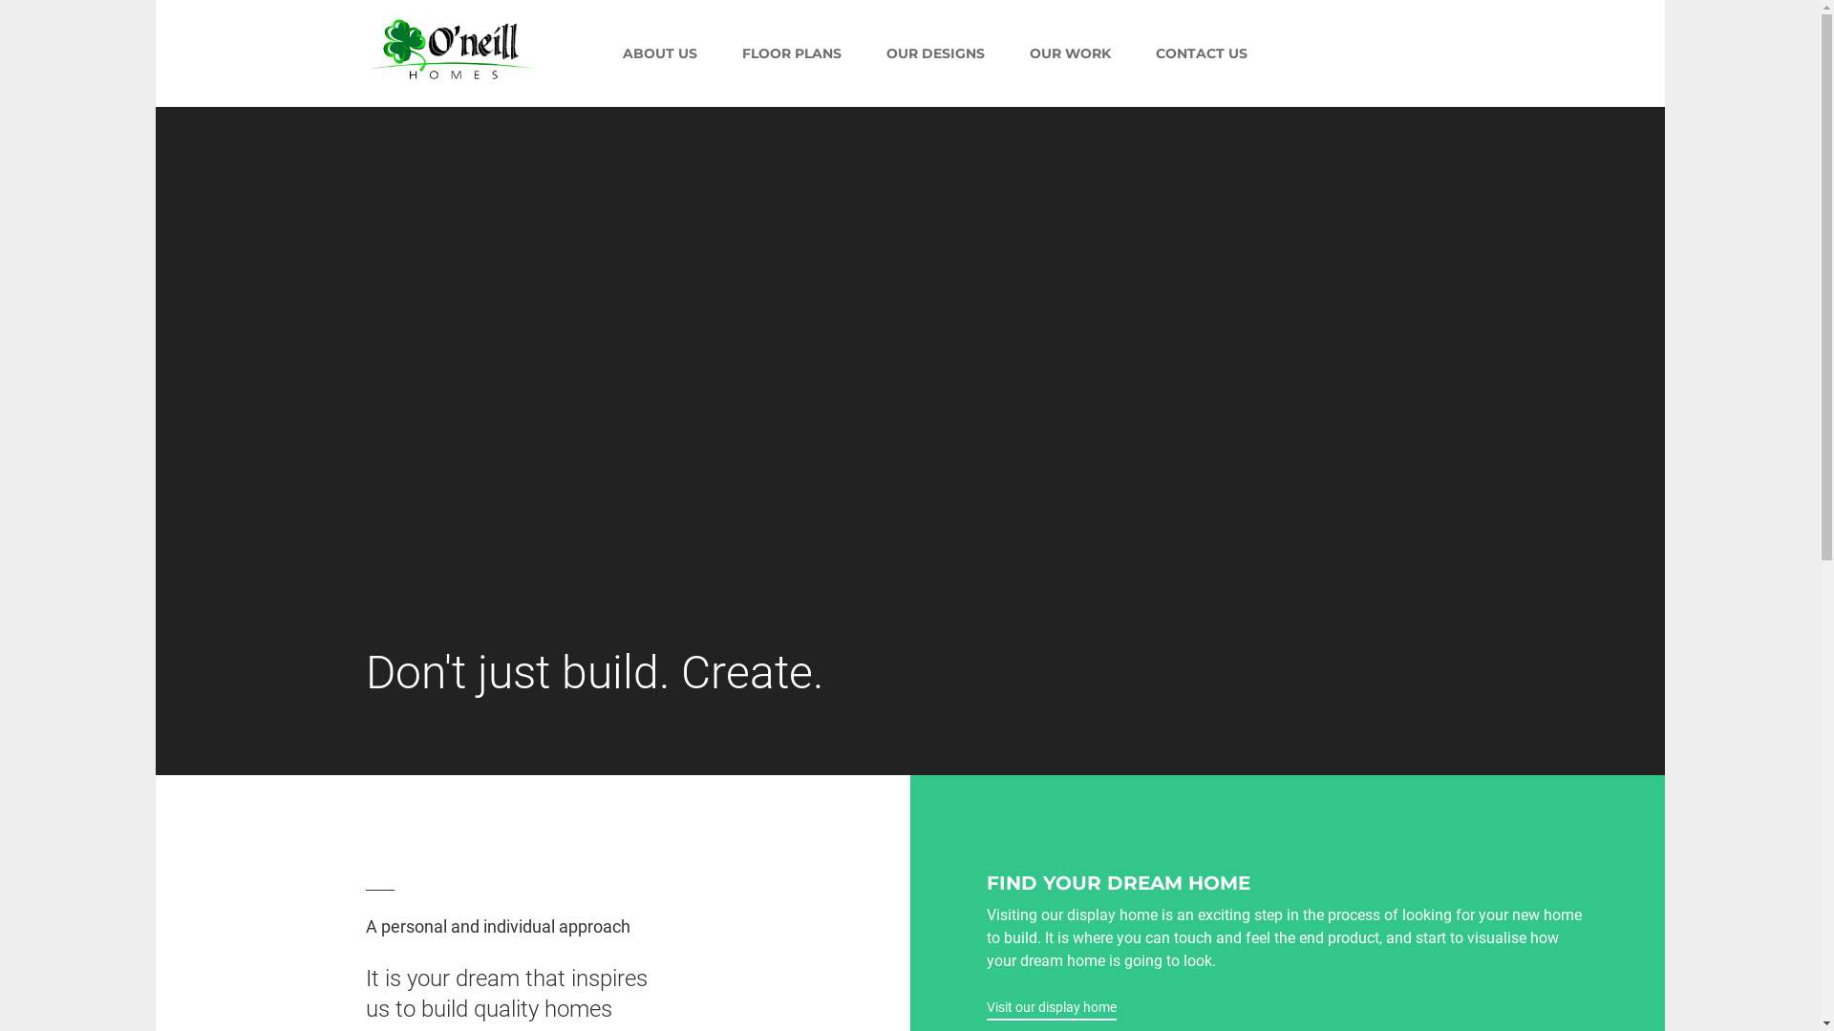 The image size is (1834, 1031). Describe the element at coordinates (1006, 53) in the screenshot. I see `'OUR WORK'` at that location.